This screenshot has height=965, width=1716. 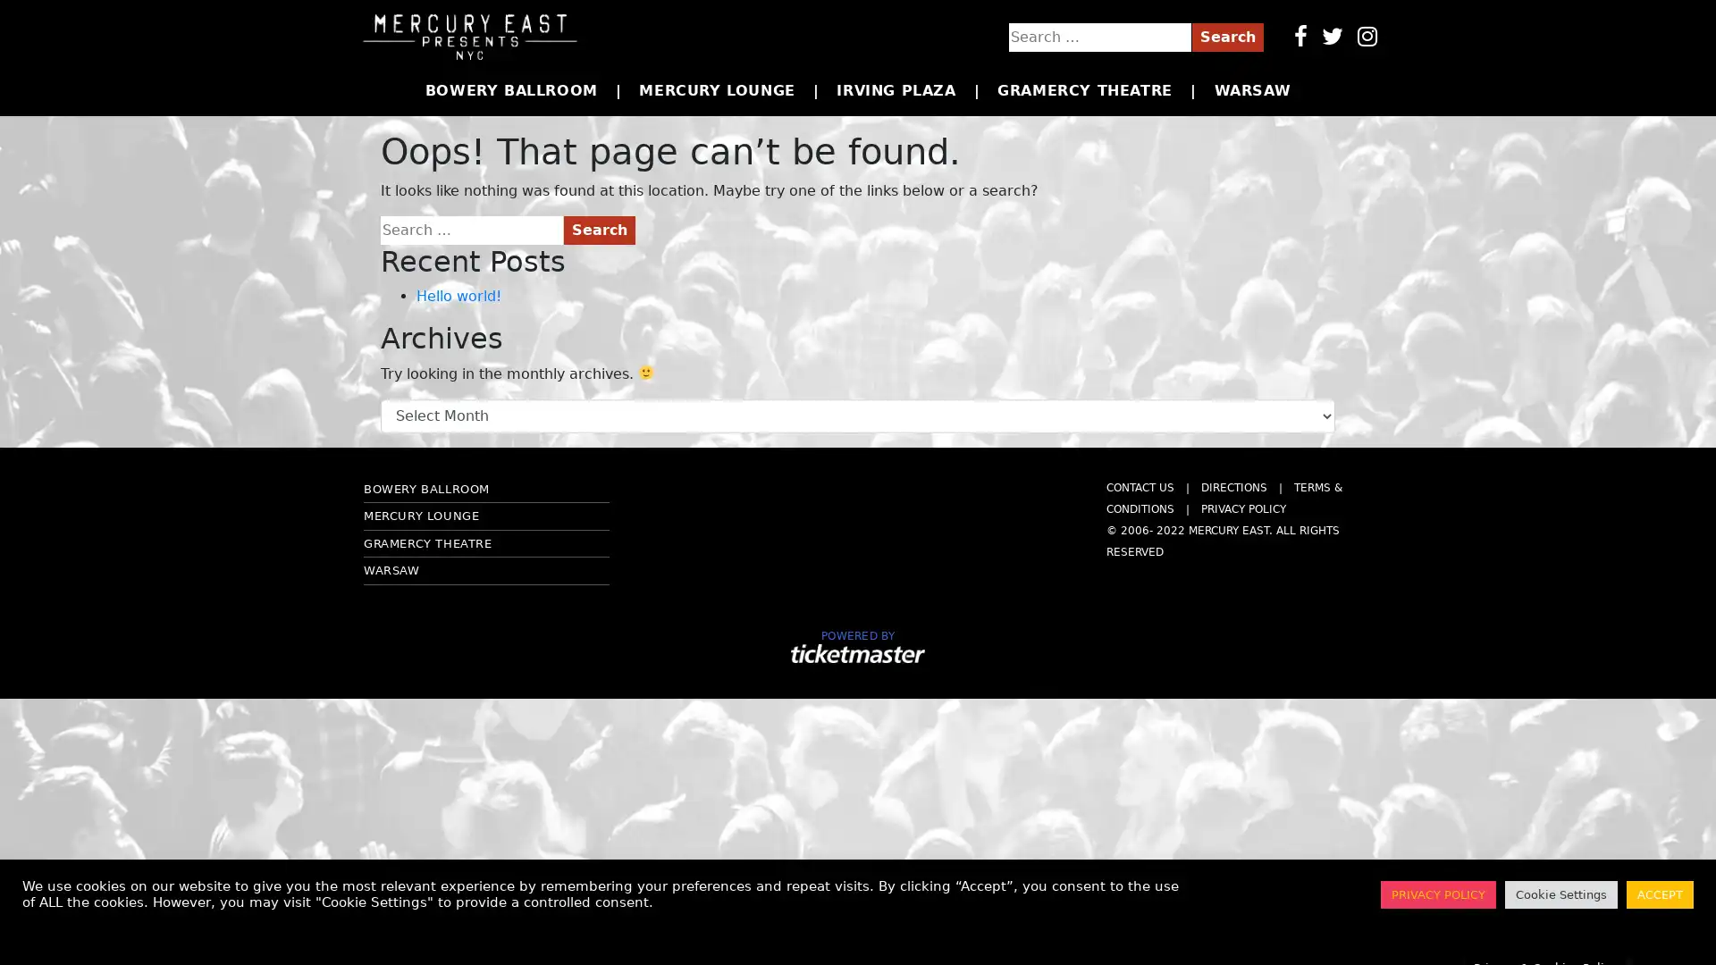 I want to click on Search, so click(x=600, y=229).